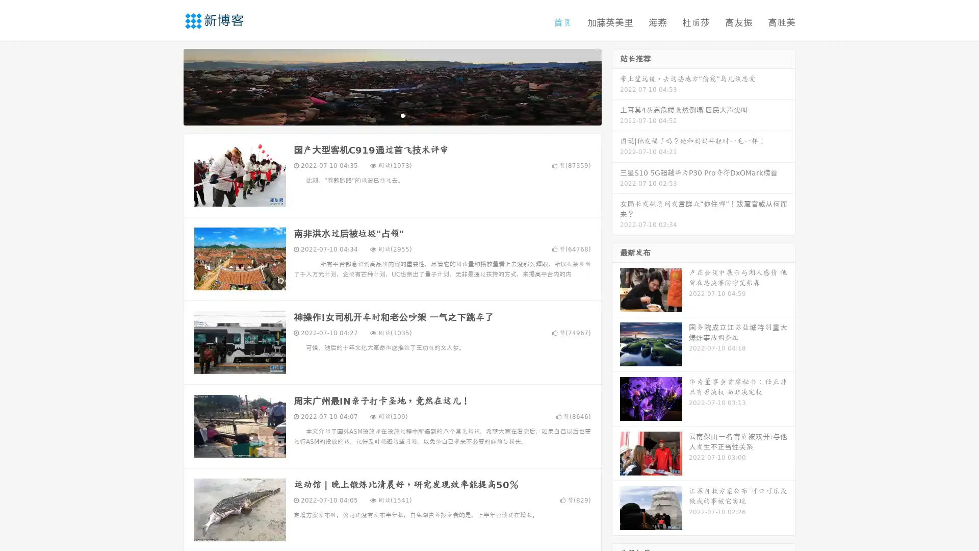 The height and width of the screenshot is (551, 979). Describe the element at coordinates (381, 115) in the screenshot. I see `Go to slide 1` at that location.